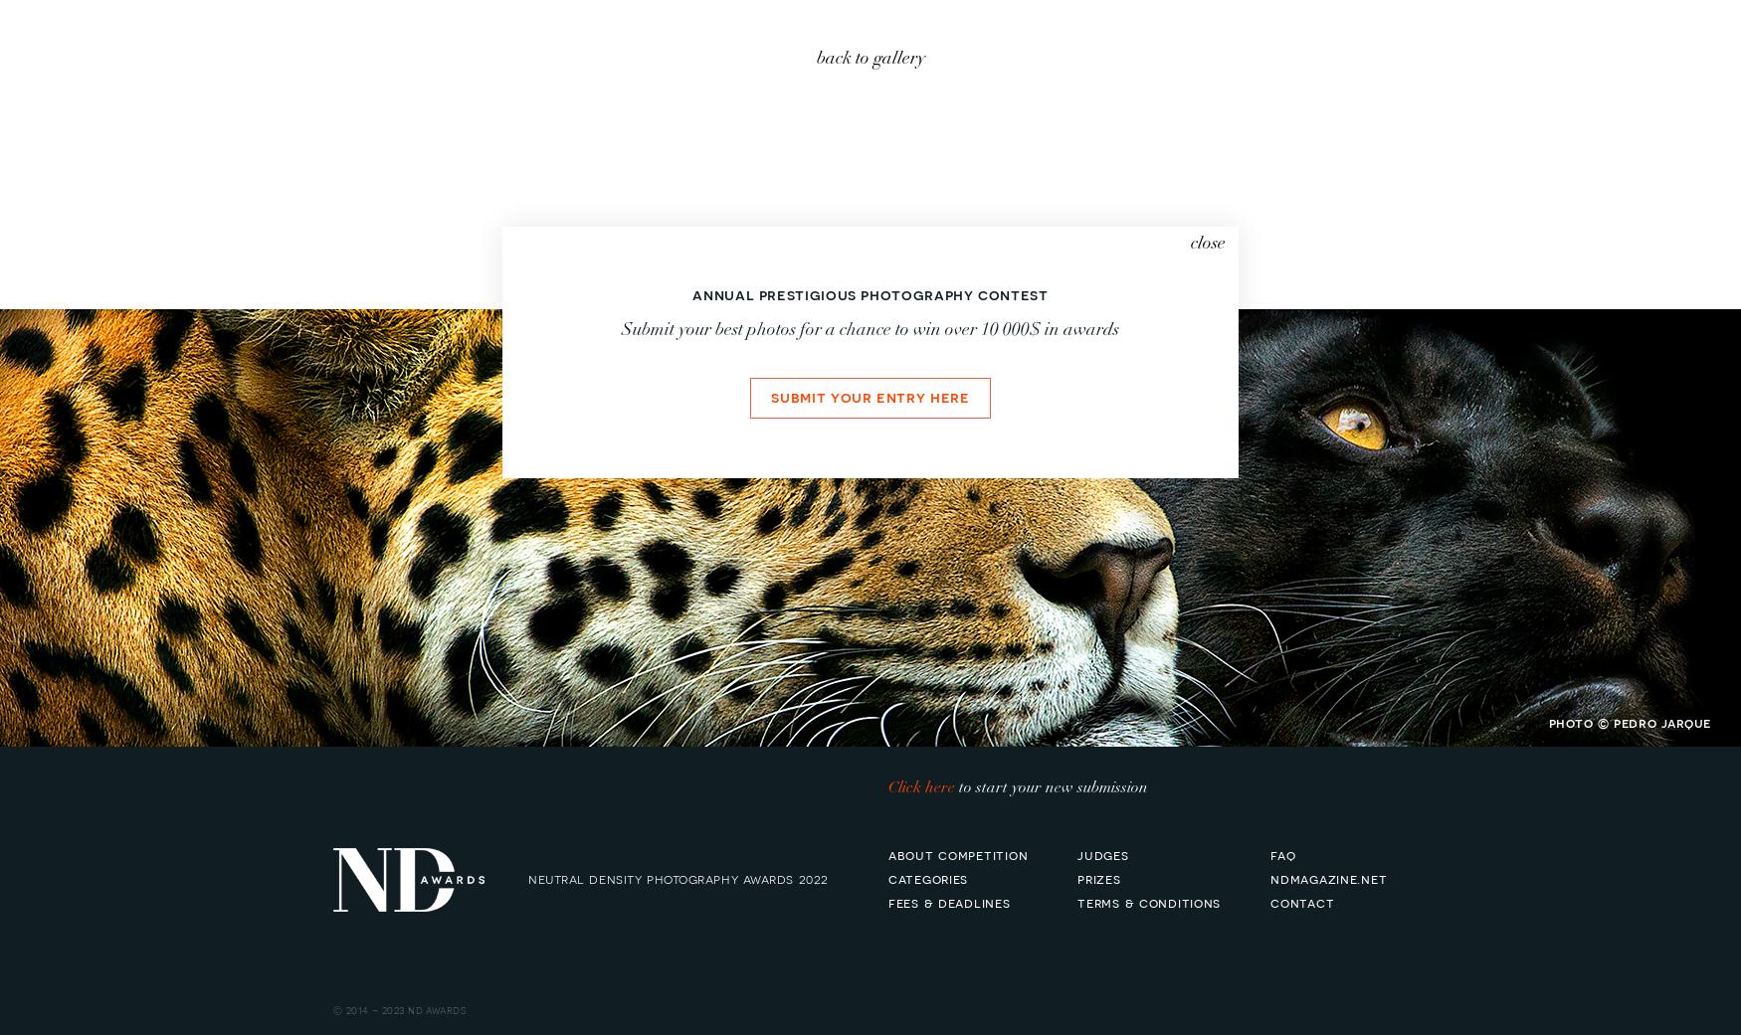 Image resolution: width=1741 pixels, height=1035 pixels. Describe the element at coordinates (870, 58) in the screenshot. I see `'back to gallery'` at that location.